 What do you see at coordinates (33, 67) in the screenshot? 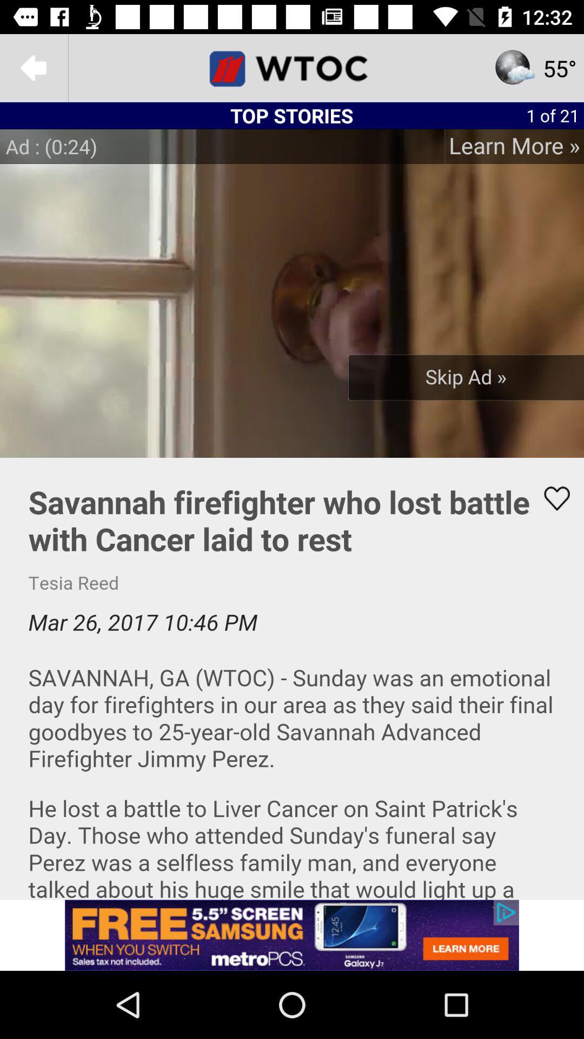
I see `go back` at bounding box center [33, 67].